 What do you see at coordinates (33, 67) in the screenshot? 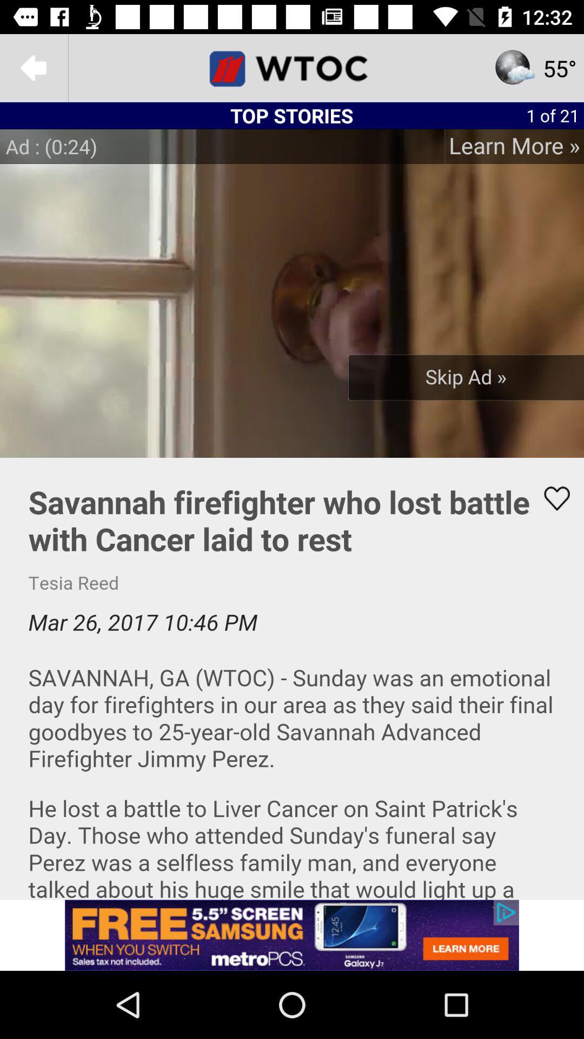
I see `go back` at bounding box center [33, 67].